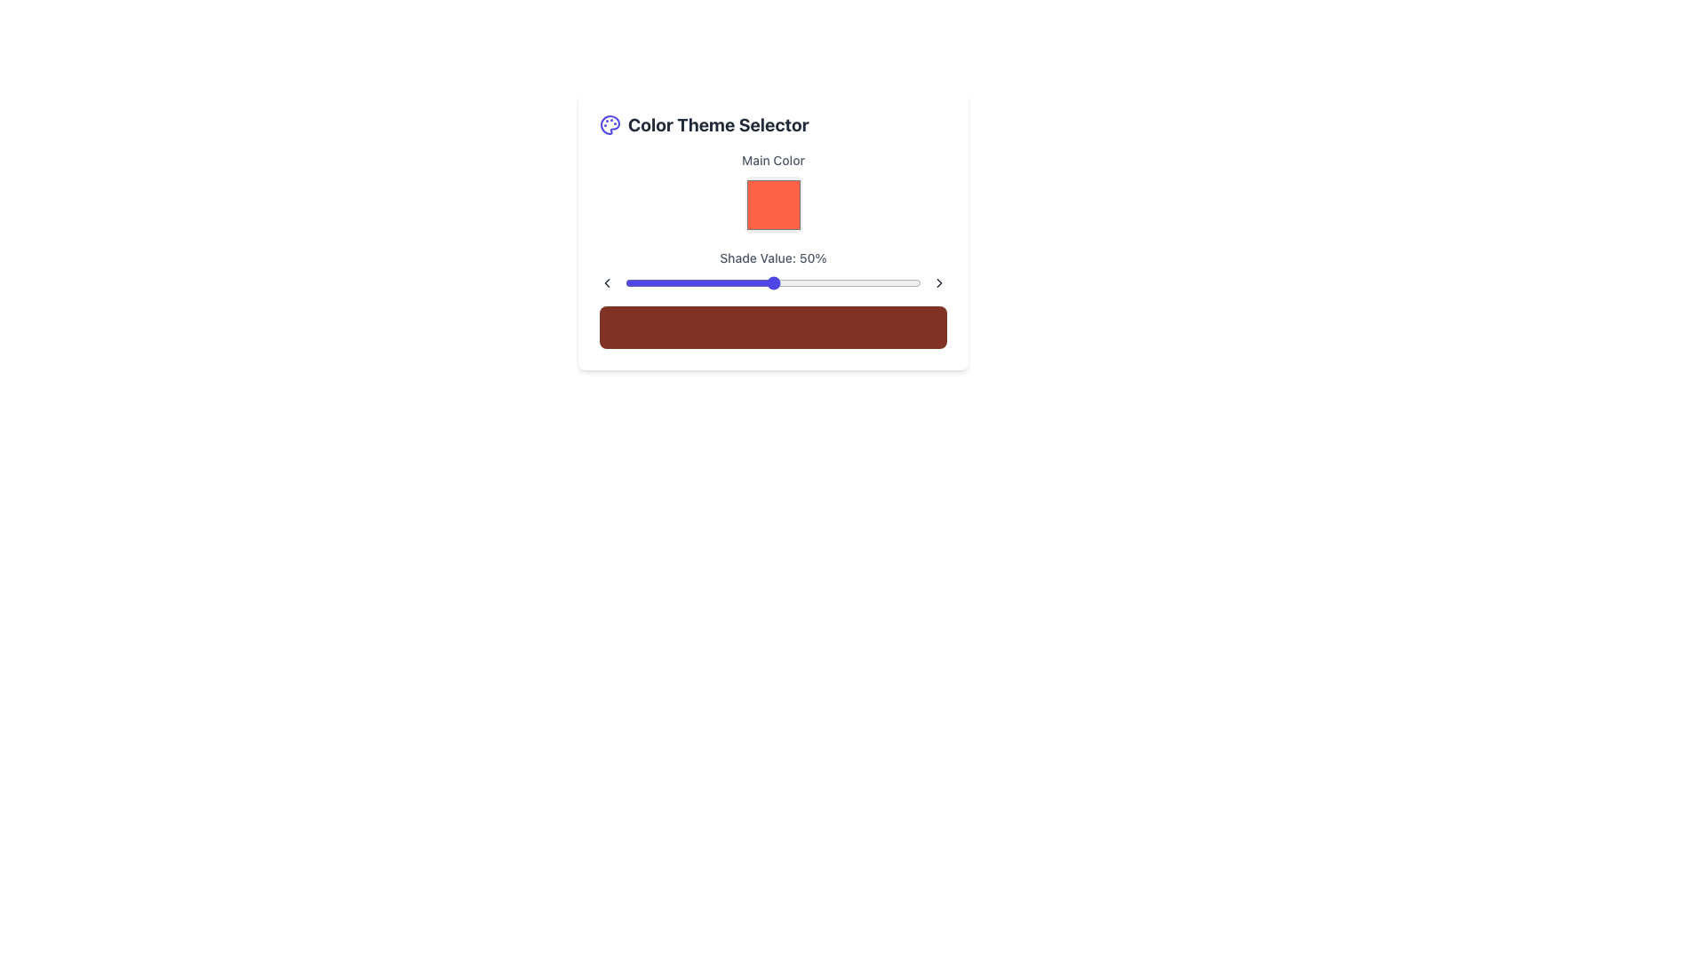 Image resolution: width=1706 pixels, height=959 pixels. What do you see at coordinates (713, 282) in the screenshot?
I see `the shade value` at bounding box center [713, 282].